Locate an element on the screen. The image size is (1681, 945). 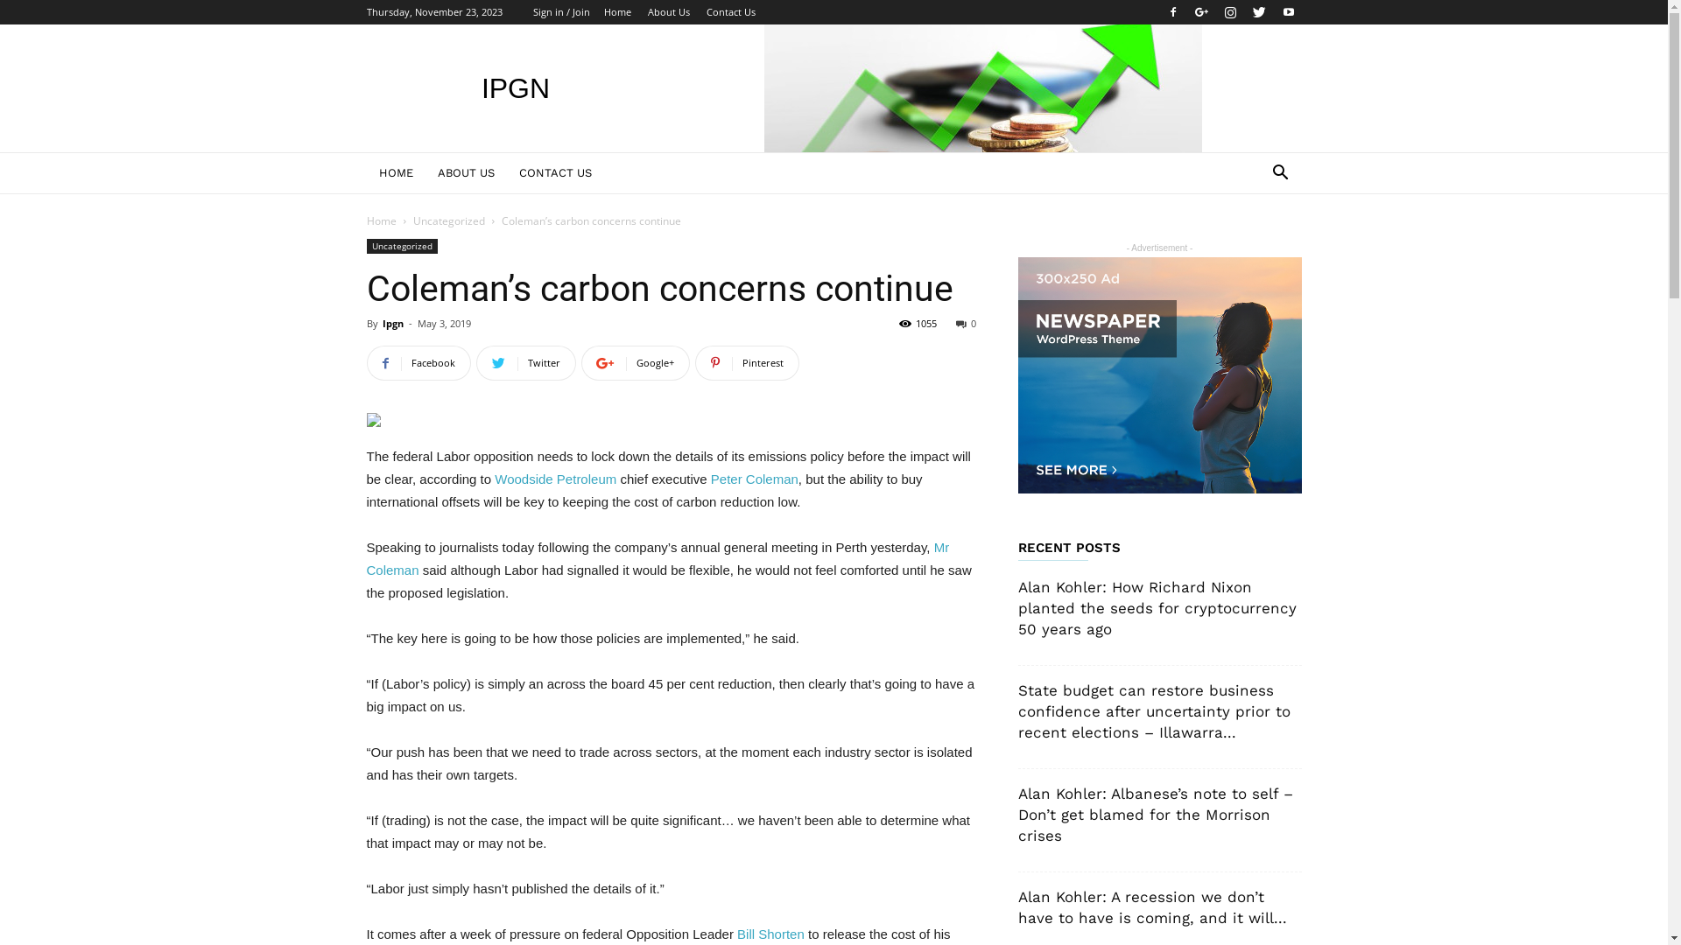
'Uncategorized' is located at coordinates (449, 220).